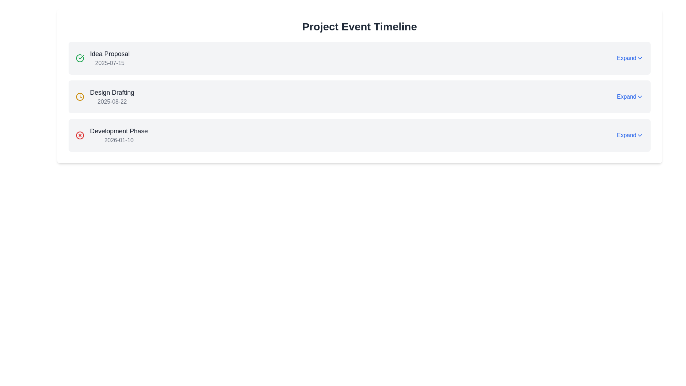  Describe the element at coordinates (630, 96) in the screenshot. I see `the clickable link with an adjacent icon on the far-right side of the 'Design Drafting' row` at that location.